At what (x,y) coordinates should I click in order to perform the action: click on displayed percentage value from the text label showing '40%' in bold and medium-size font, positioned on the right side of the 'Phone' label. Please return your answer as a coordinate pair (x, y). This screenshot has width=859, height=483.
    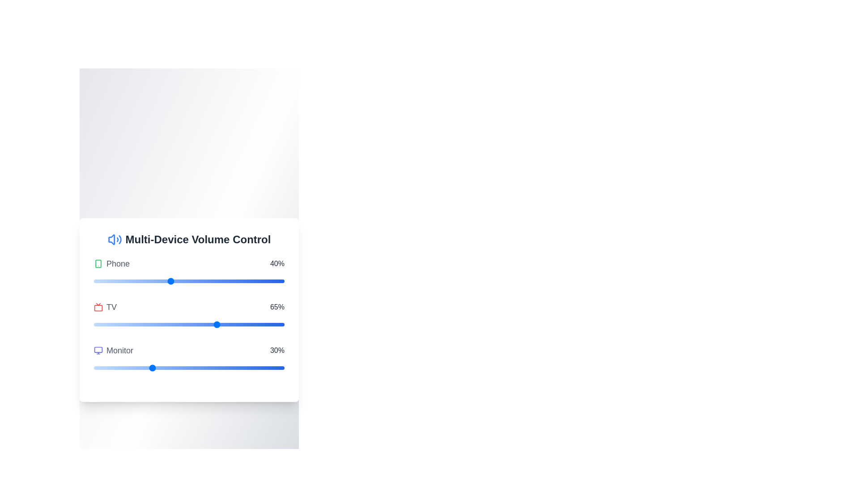
    Looking at the image, I should click on (276, 263).